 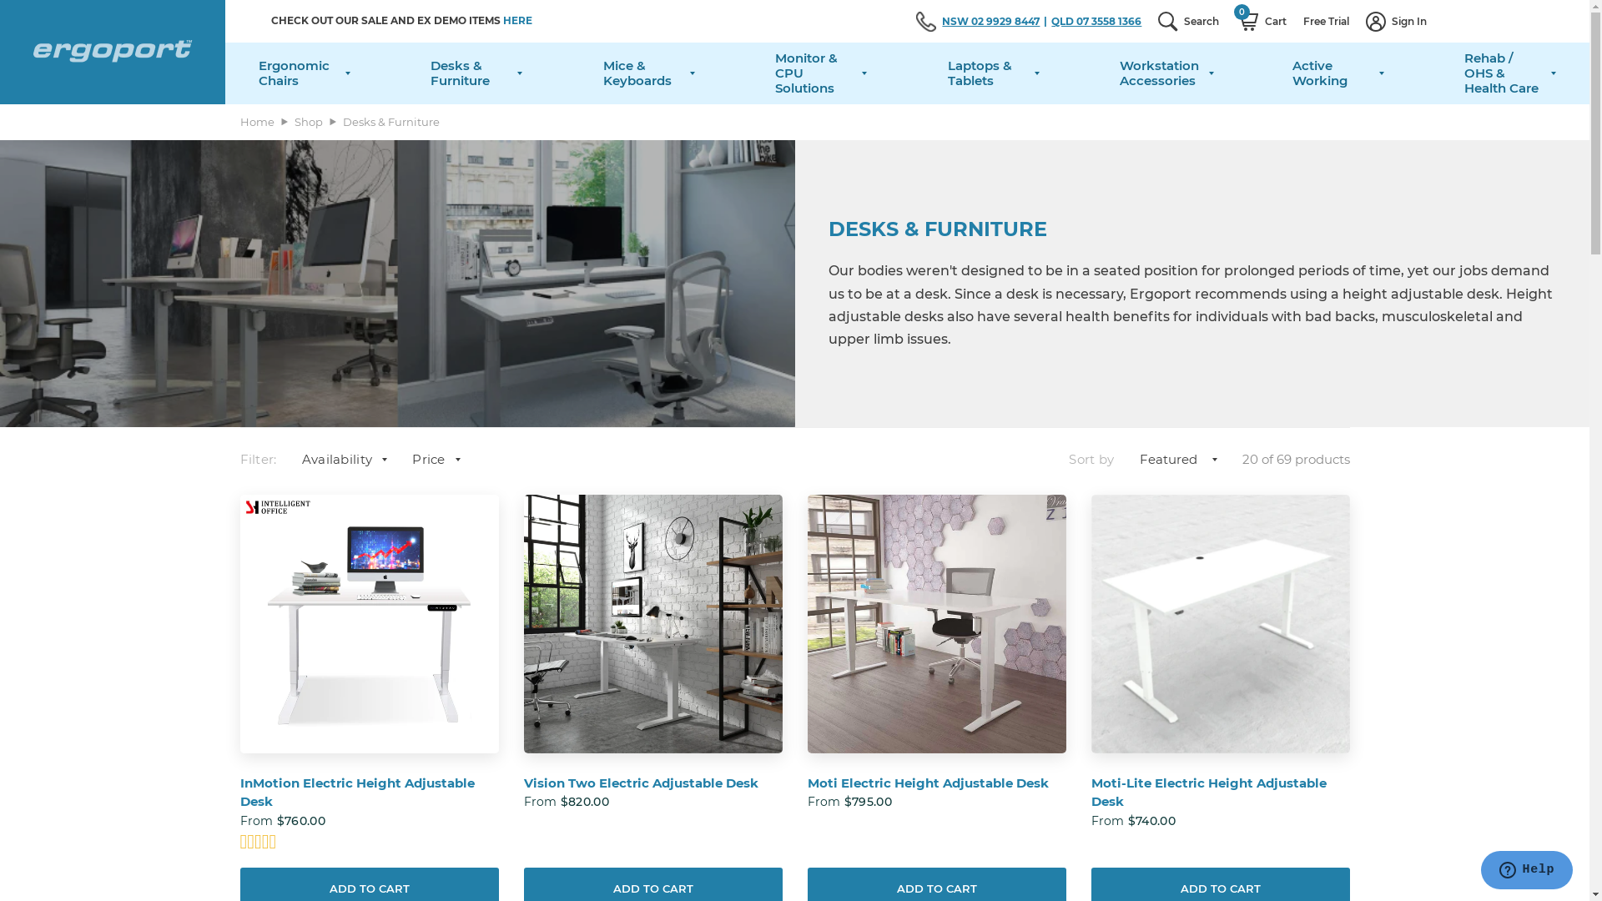 I want to click on 'Home', so click(x=256, y=121).